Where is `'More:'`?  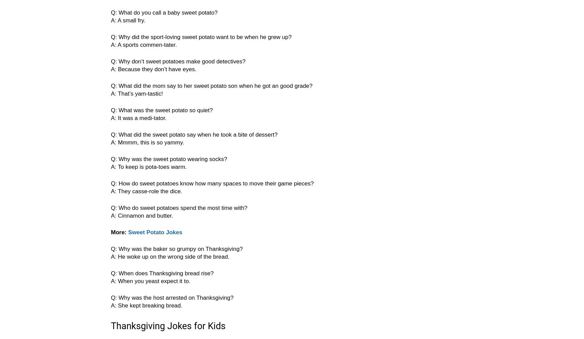
'More:' is located at coordinates (119, 232).